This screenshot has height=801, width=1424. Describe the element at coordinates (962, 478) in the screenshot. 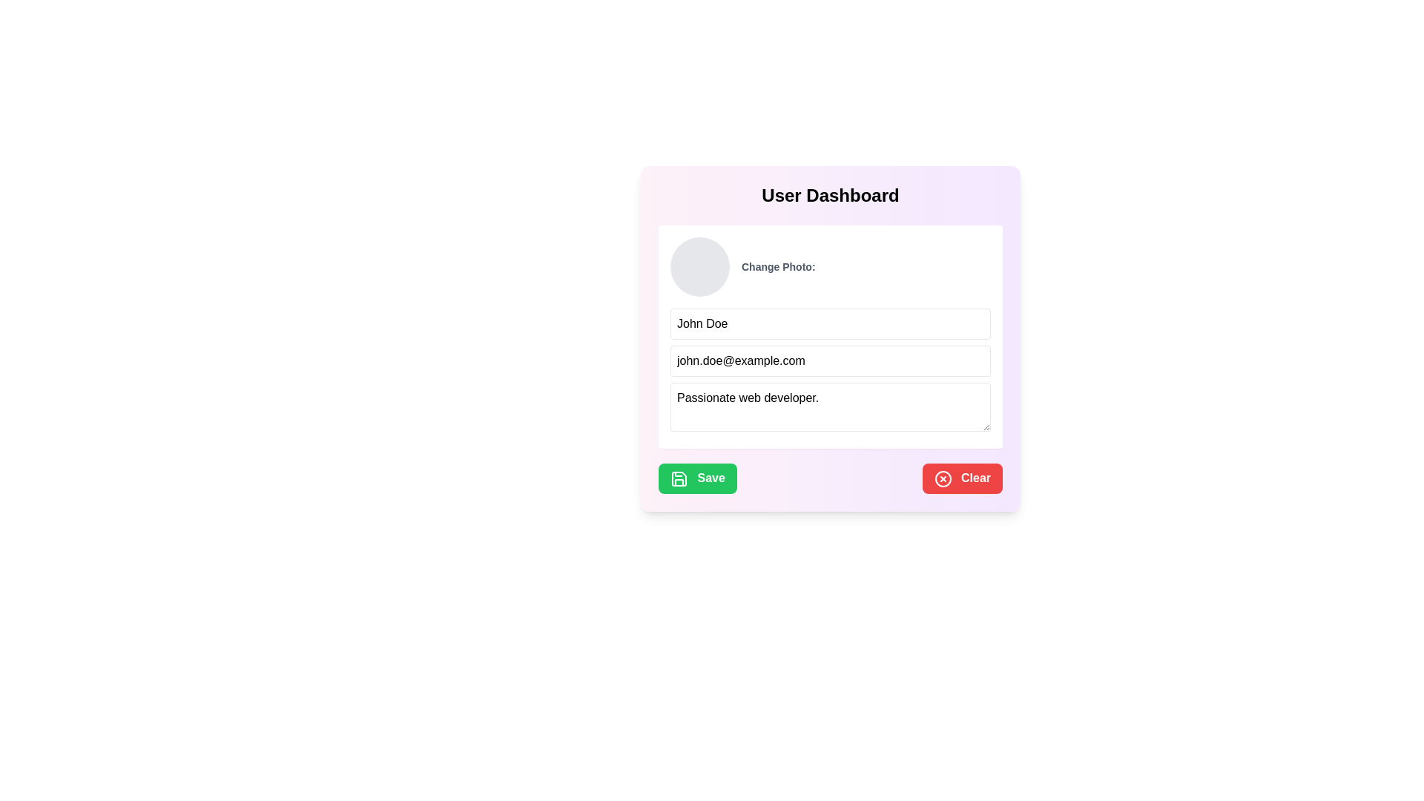

I see `the clear button located at the bottom-right corner of the 'User Dashboard' section` at that location.